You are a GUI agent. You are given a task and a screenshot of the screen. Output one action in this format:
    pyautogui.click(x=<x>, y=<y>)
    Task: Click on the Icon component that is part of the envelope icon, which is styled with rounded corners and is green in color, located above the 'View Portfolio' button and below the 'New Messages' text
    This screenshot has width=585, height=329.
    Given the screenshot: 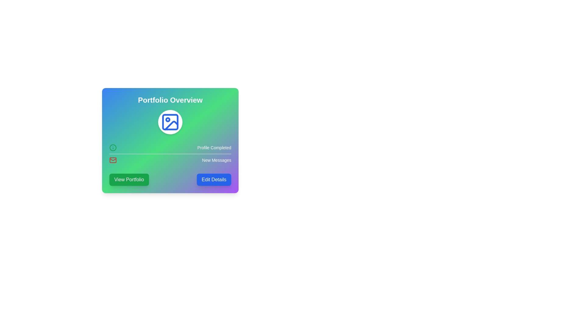 What is the action you would take?
    pyautogui.click(x=113, y=160)
    